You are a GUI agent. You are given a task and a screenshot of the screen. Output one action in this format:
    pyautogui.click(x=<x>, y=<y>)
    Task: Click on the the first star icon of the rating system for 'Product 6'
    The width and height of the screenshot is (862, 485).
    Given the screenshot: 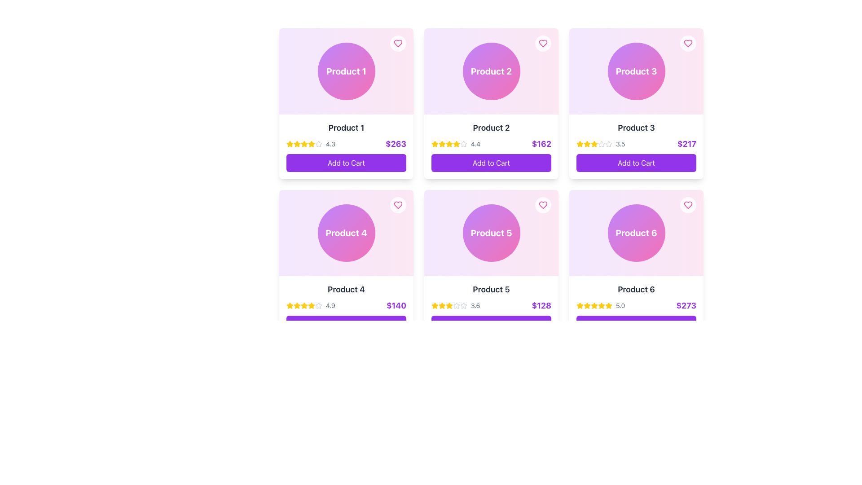 What is the action you would take?
    pyautogui.click(x=580, y=305)
    